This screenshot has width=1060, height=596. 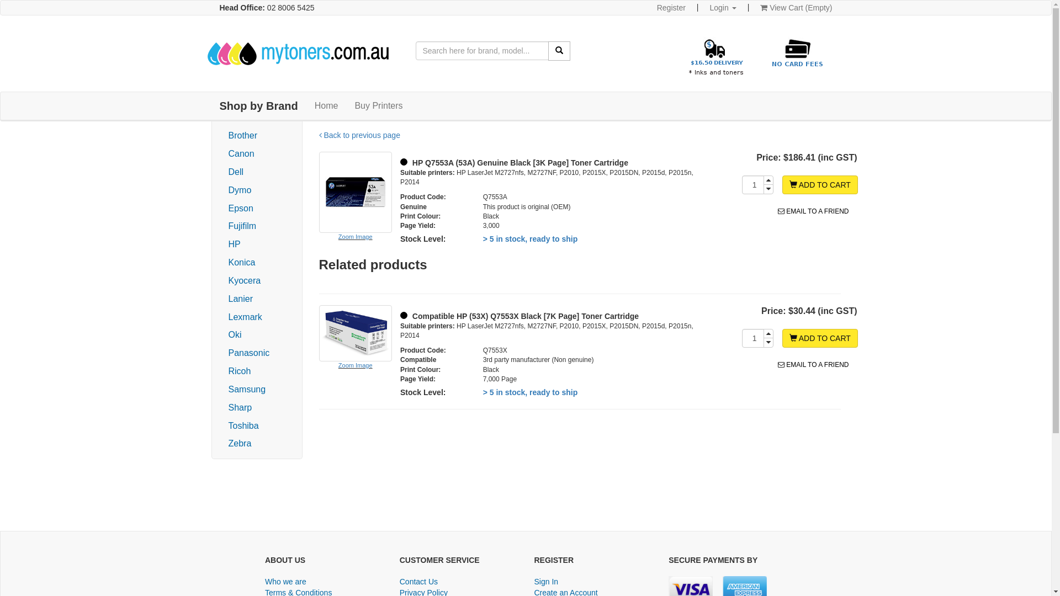 I want to click on 'ADD TO CART', so click(x=820, y=184).